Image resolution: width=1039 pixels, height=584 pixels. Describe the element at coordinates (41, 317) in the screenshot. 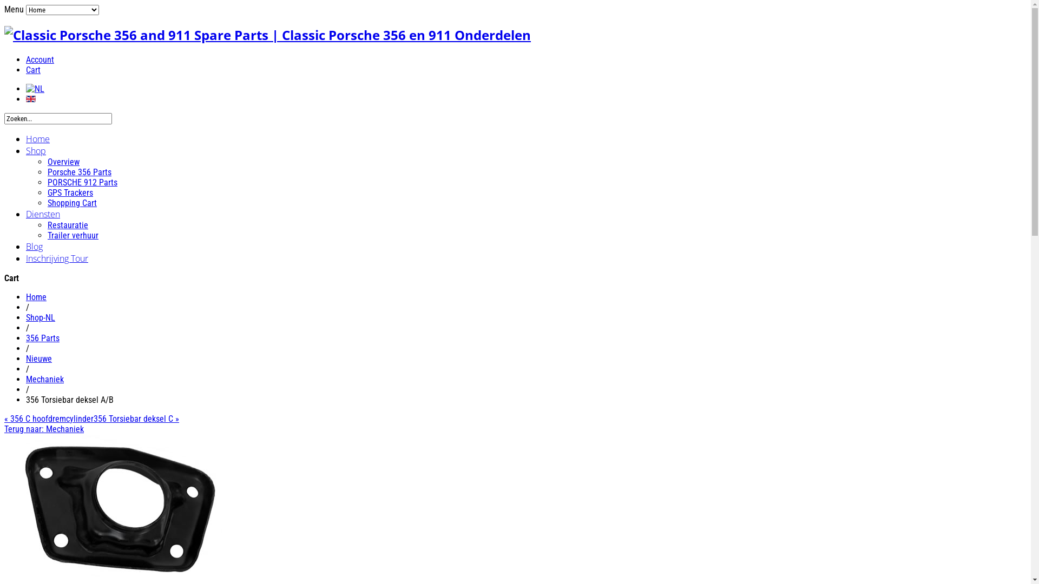

I see `'Shop-NL'` at that location.